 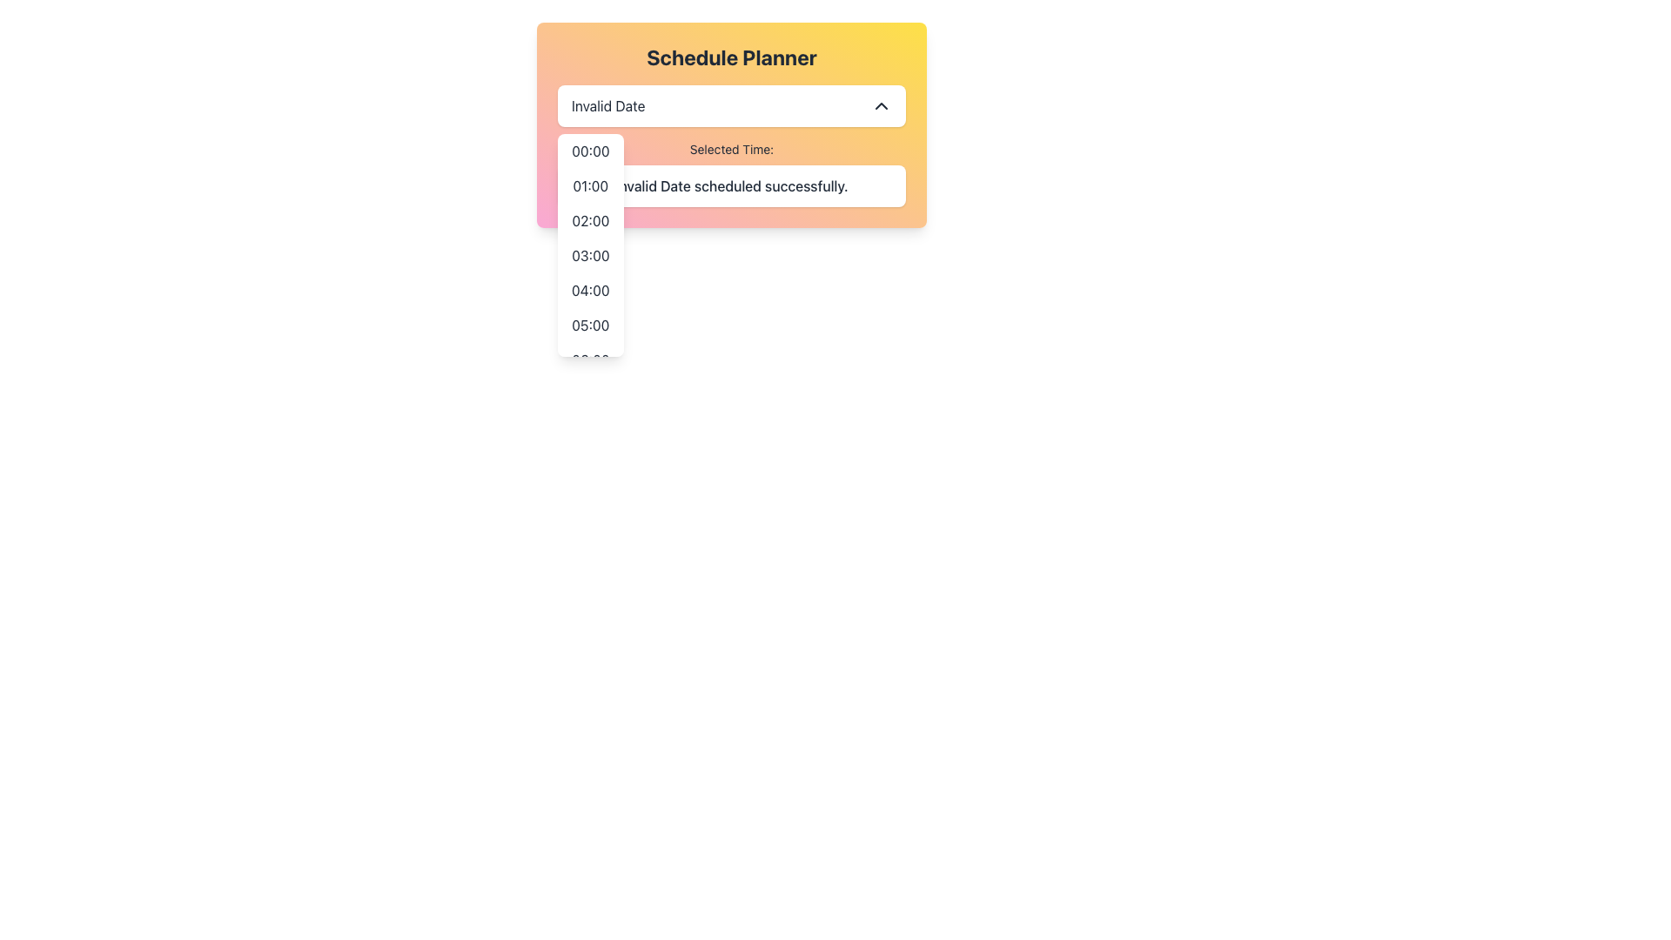 What do you see at coordinates (590, 255) in the screenshot?
I see `the list item displaying '03:00' in the dropdown menu` at bounding box center [590, 255].